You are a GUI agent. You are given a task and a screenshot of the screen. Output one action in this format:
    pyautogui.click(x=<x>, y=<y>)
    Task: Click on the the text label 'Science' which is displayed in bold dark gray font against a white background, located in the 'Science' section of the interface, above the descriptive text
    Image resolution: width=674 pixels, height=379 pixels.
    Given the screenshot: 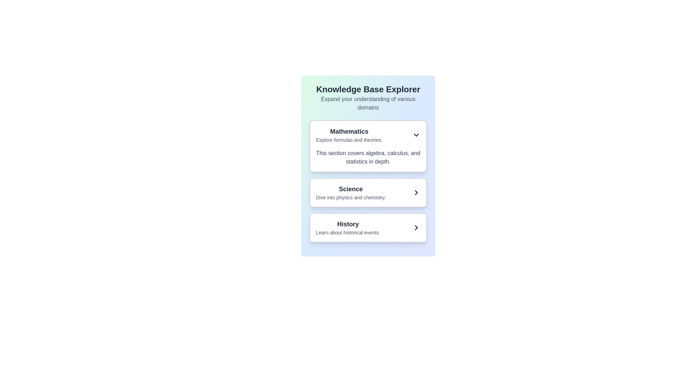 What is the action you would take?
    pyautogui.click(x=351, y=189)
    